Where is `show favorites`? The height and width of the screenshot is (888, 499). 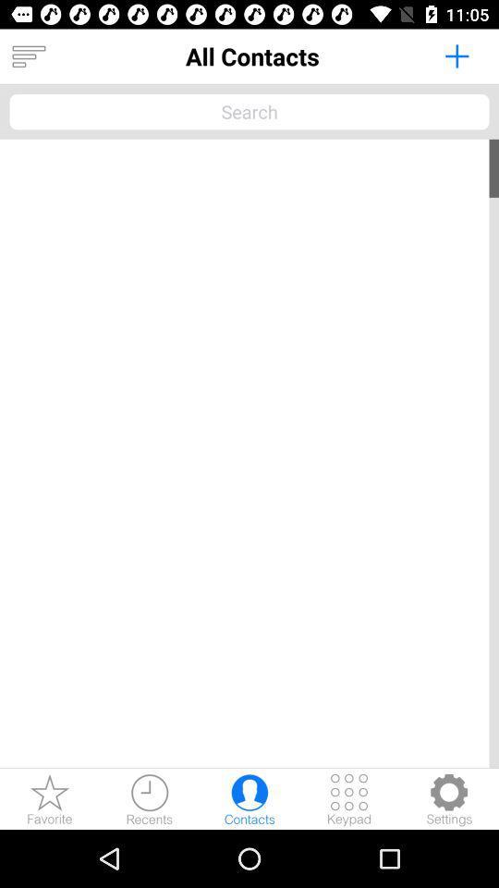
show favorites is located at coordinates (50, 798).